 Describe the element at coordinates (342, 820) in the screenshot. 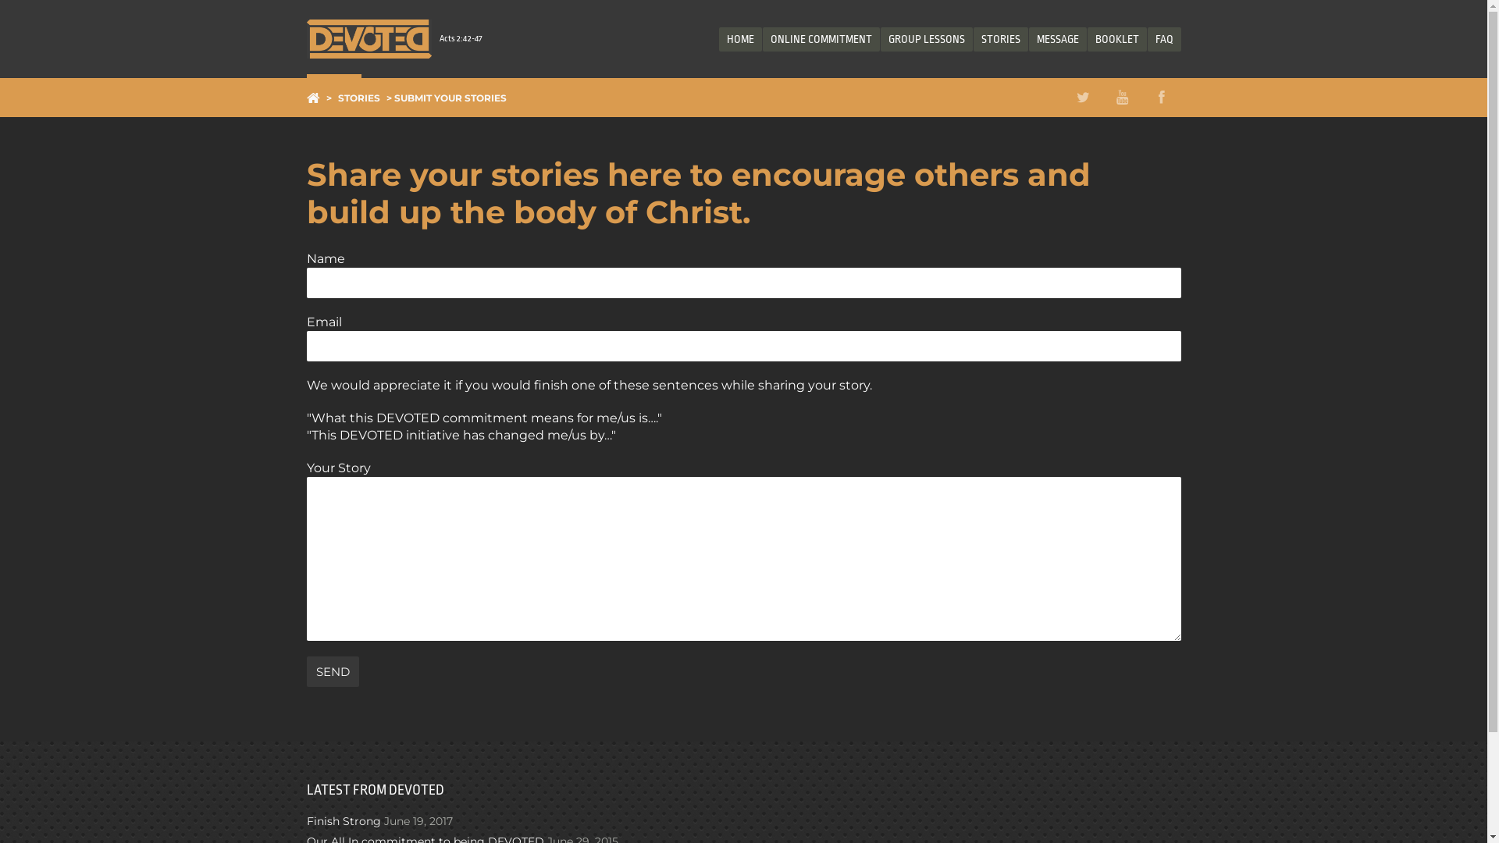

I see `'Finish Strong'` at that location.